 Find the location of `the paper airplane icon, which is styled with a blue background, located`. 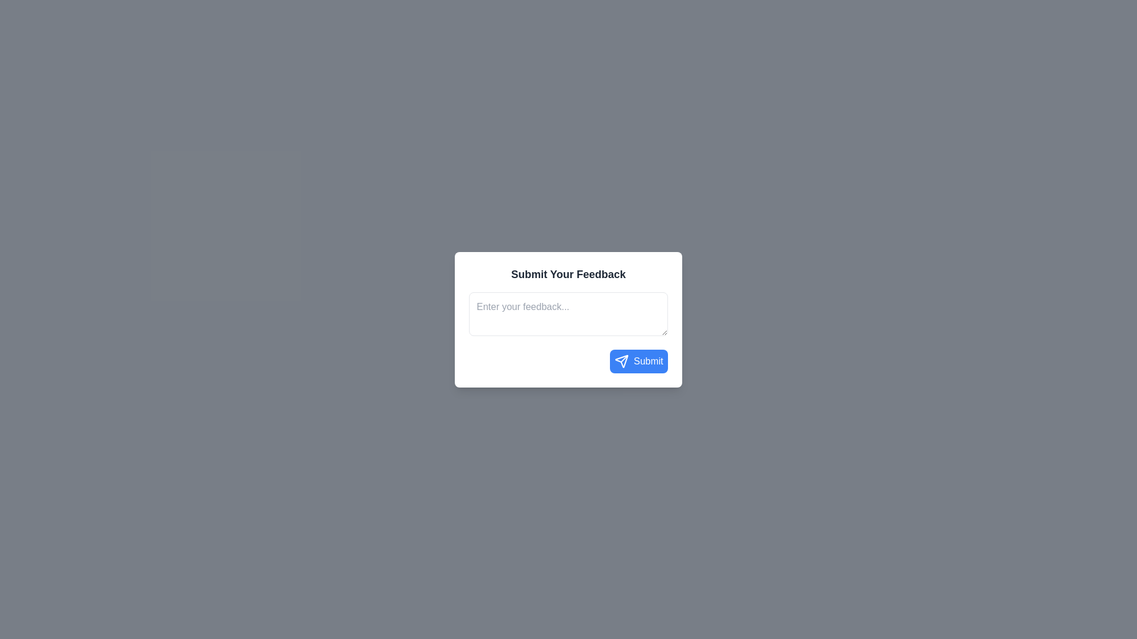

the paper airplane icon, which is styled with a blue background, located is located at coordinates (621, 360).